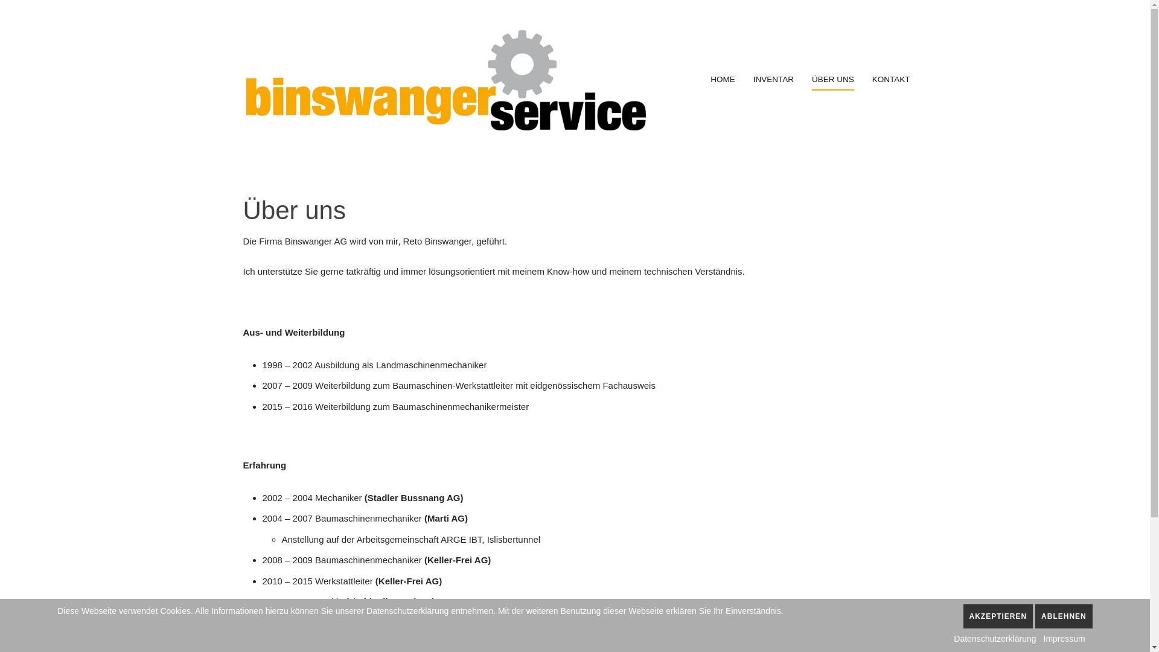 This screenshot has width=1159, height=652. I want to click on 'INVENTAR', so click(773, 79).